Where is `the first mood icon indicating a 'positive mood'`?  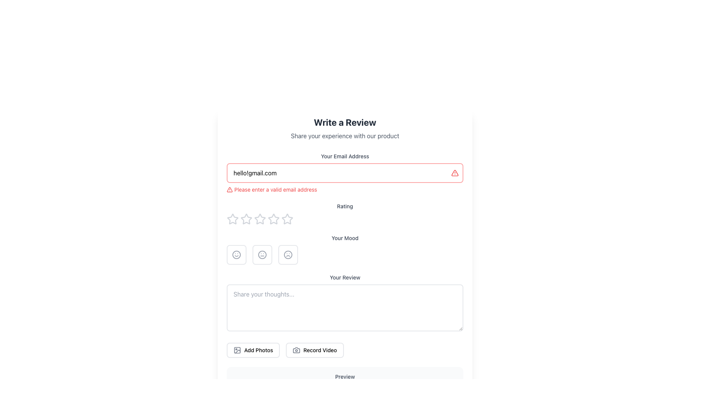
the first mood icon indicating a 'positive mood' is located at coordinates (236, 254).